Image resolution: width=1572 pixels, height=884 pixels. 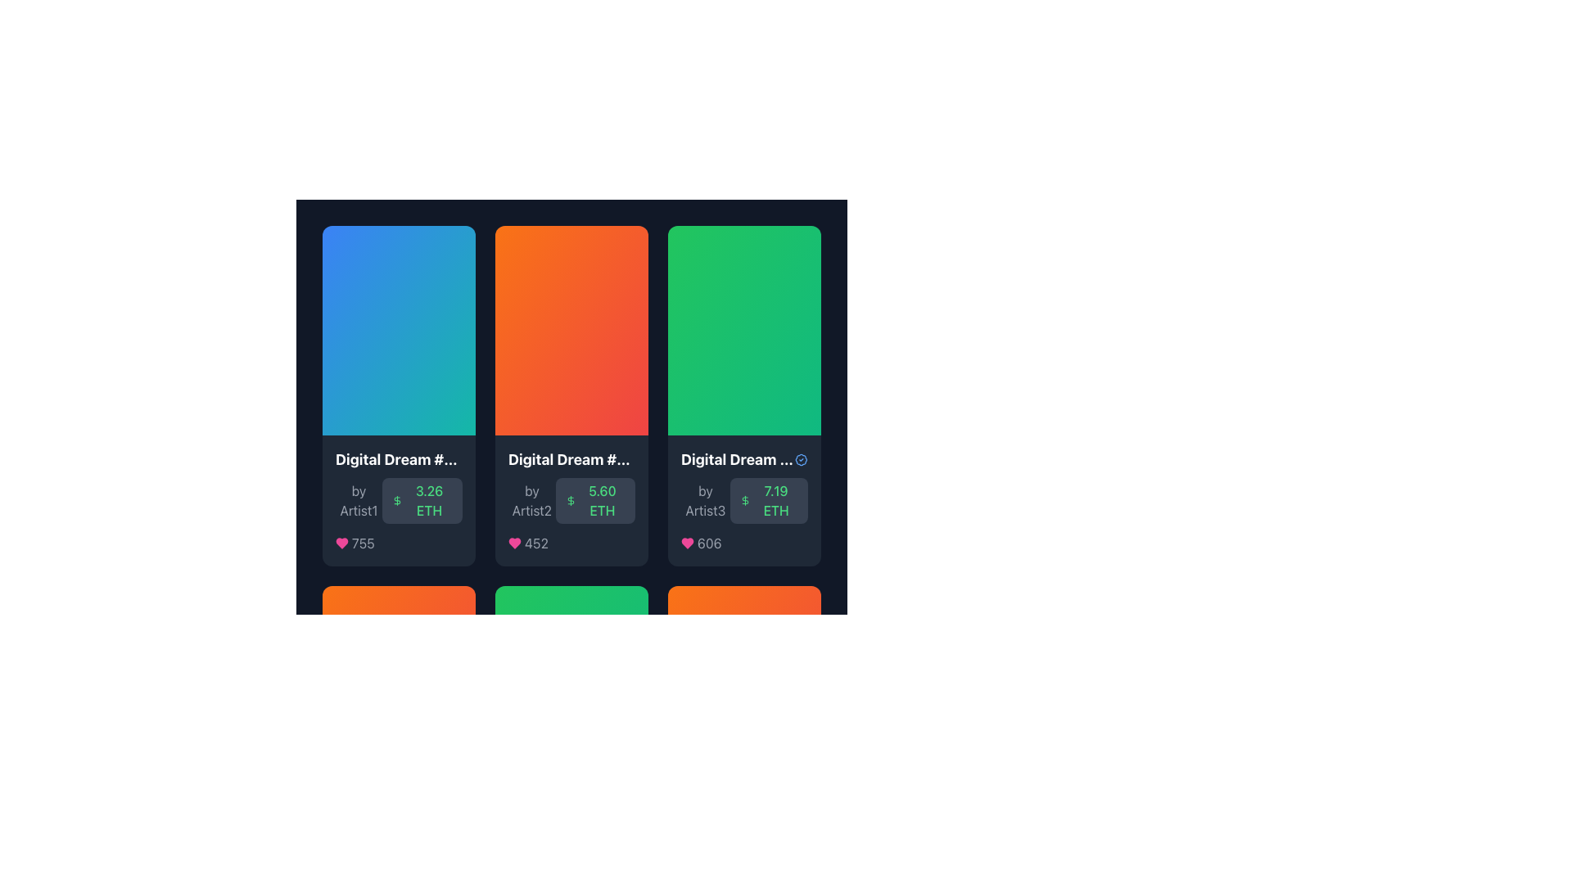 What do you see at coordinates (768, 500) in the screenshot?
I see `the informational display box containing the green dollar symbol and '7.19 ETH' text, located at the bottom right corner of the card associated with 'Digital Dream ...' by 'Artist3'` at bounding box center [768, 500].